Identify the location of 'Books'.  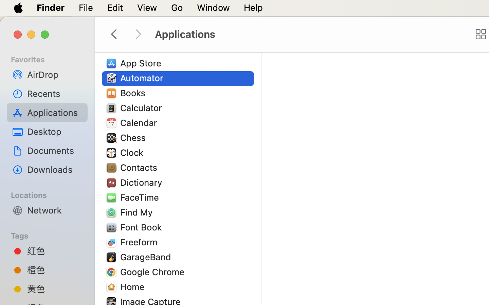
(134, 92).